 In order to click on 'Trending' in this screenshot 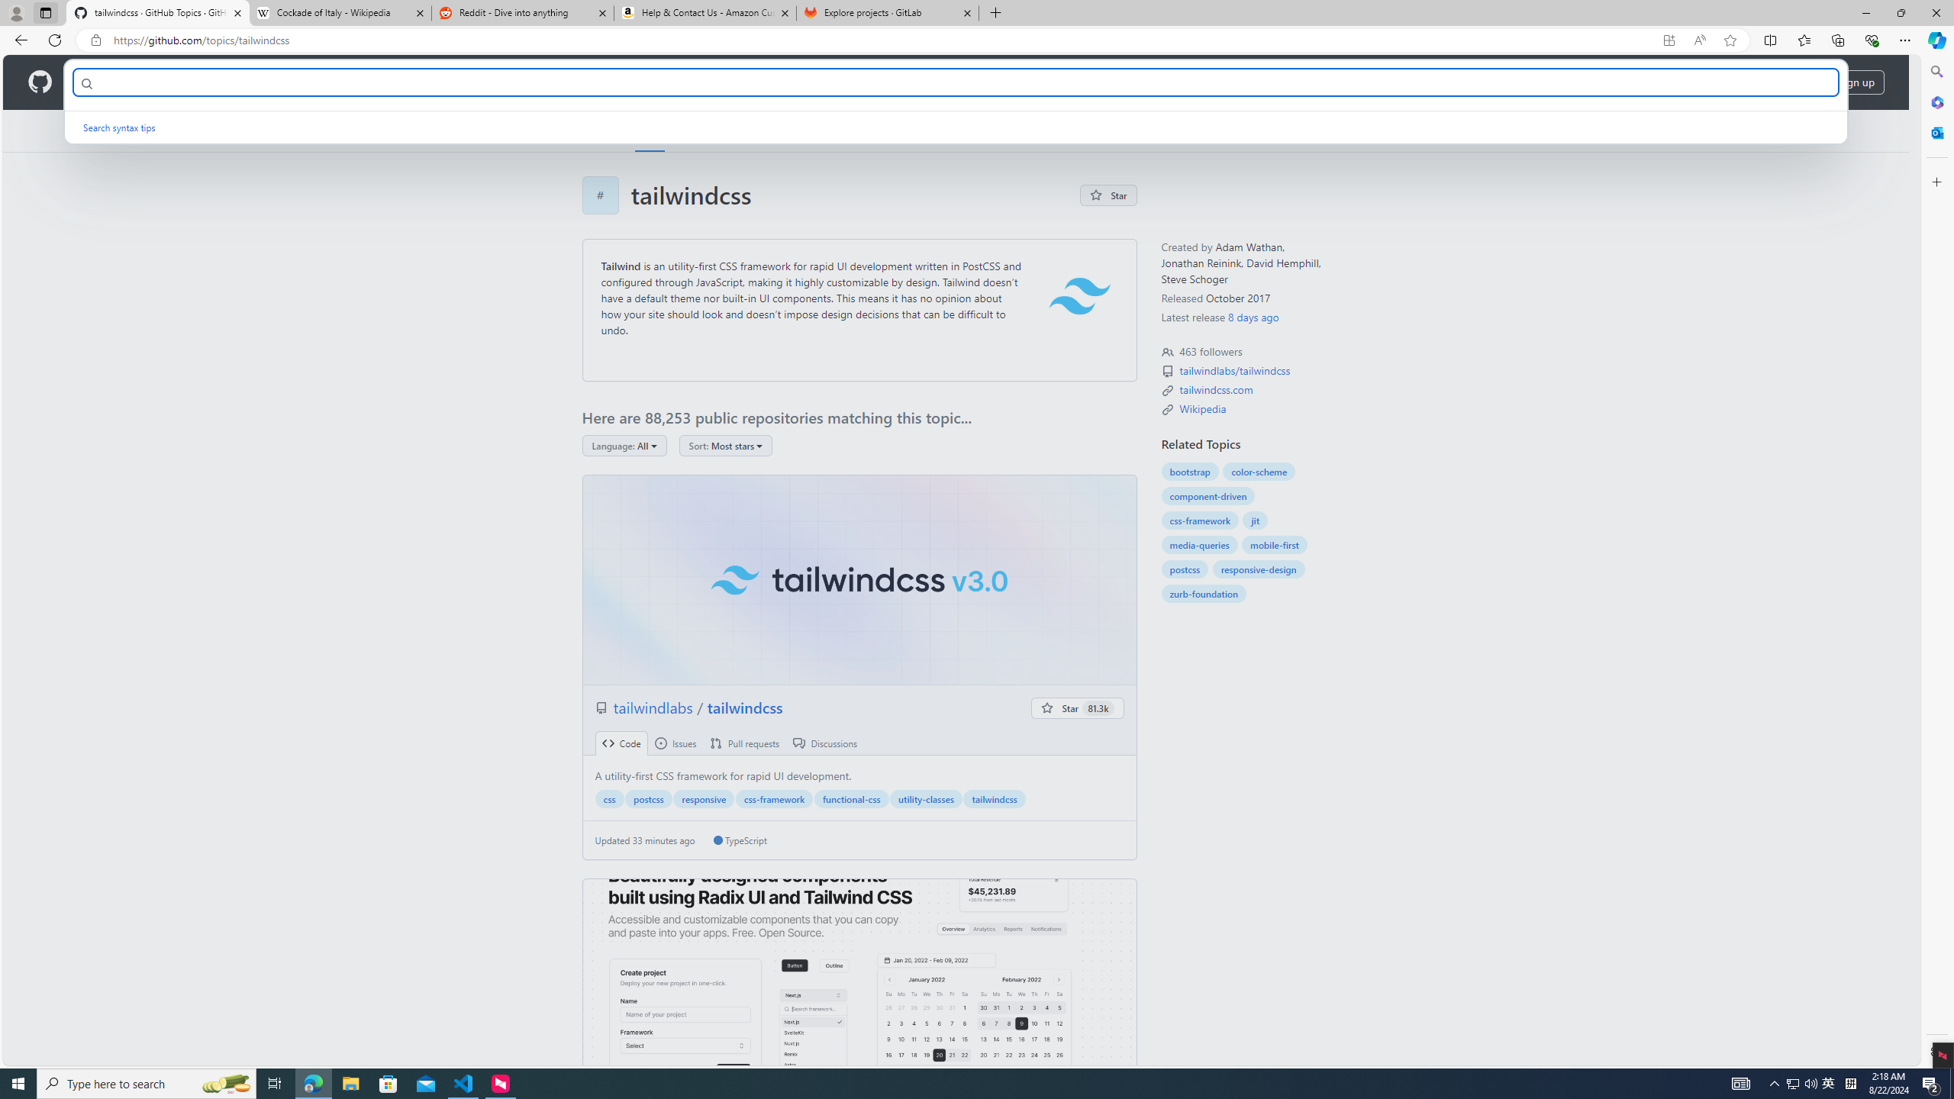, I will do `click(703, 131)`.